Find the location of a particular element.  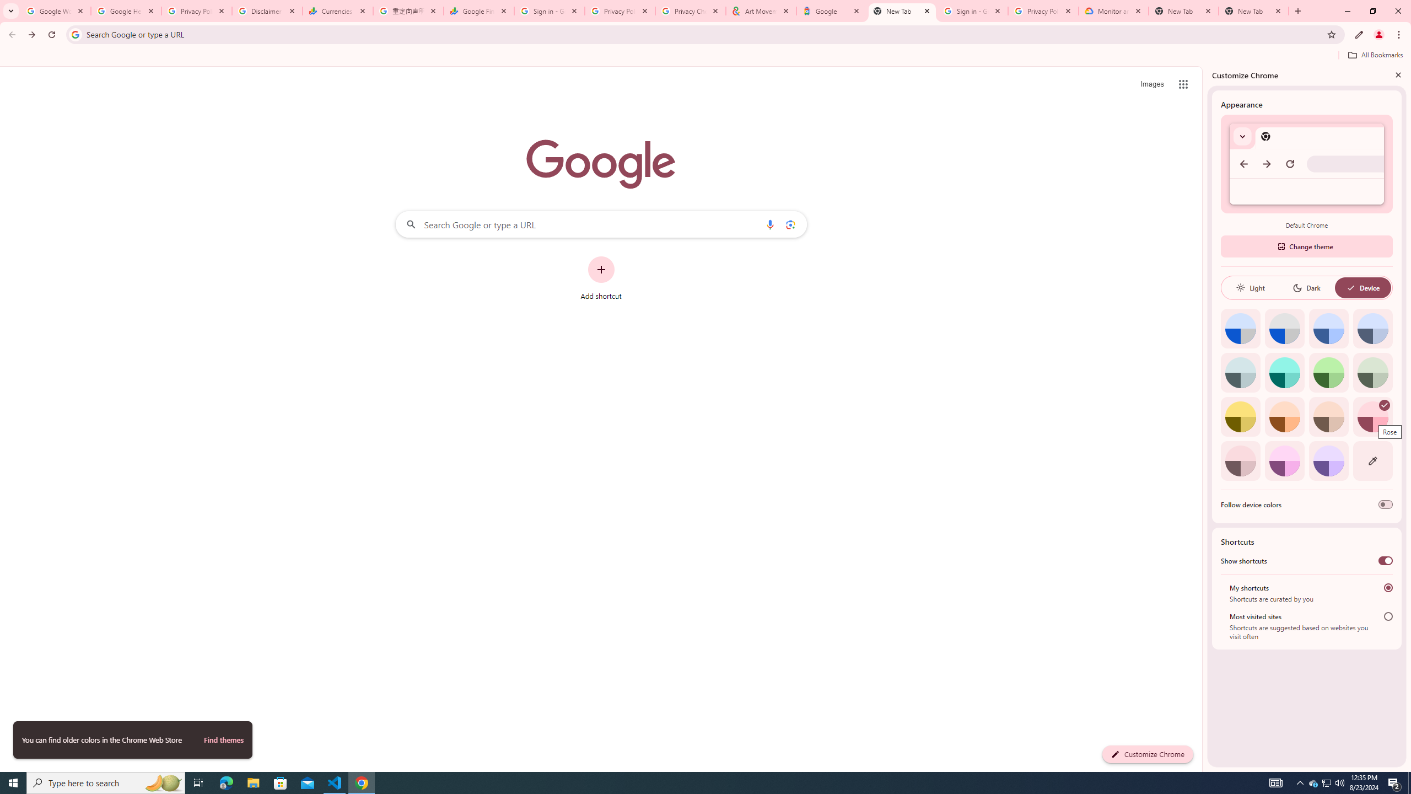

'Cool grey' is located at coordinates (1372, 328).